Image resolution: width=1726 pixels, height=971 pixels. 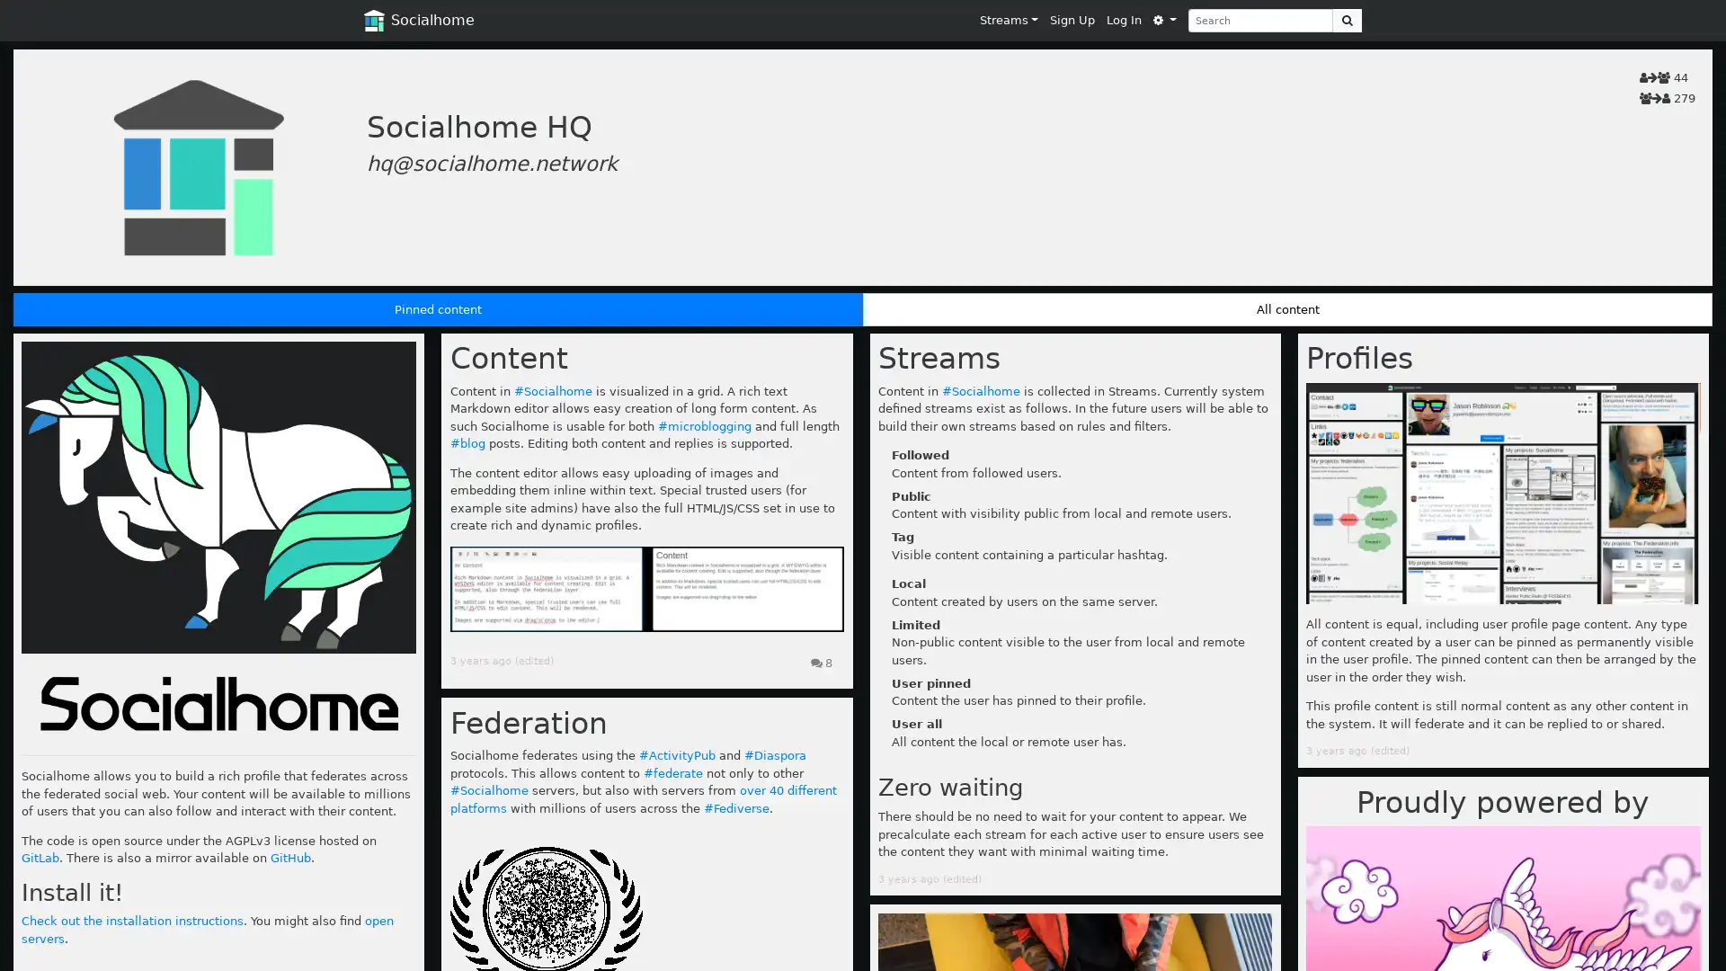 I want to click on Replies, so click(x=820, y=663).